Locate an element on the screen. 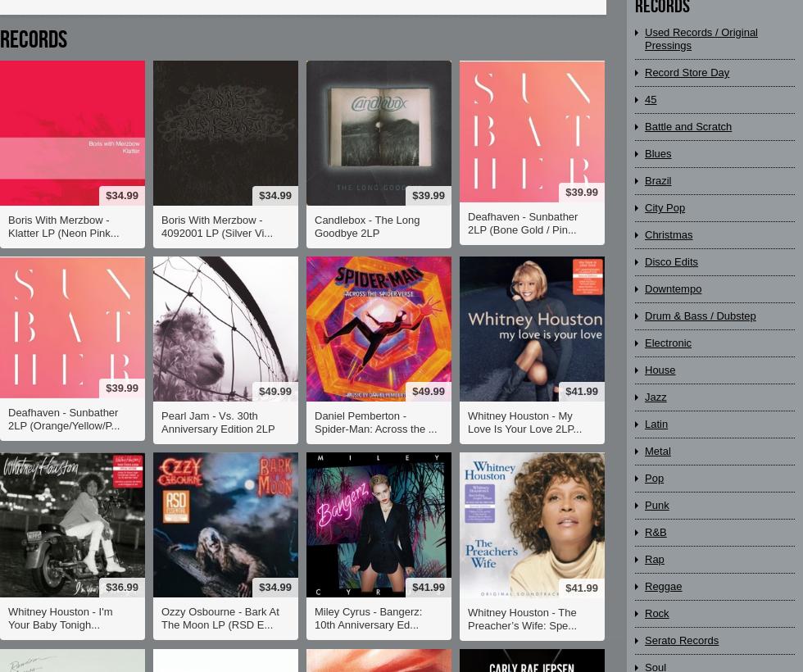 This screenshot has height=672, width=803. 'Pop' is located at coordinates (654, 478).